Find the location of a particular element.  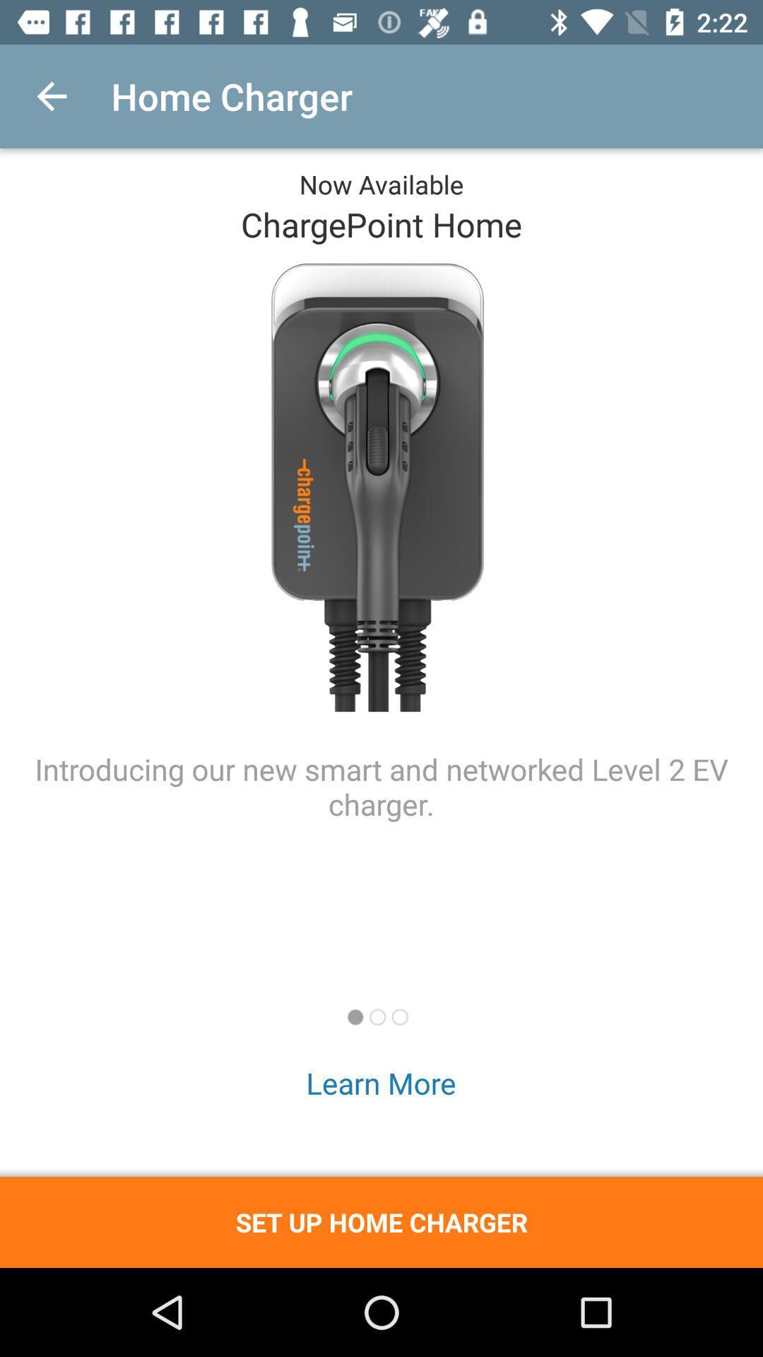

icon to the left of the home charger icon is located at coordinates (51, 95).